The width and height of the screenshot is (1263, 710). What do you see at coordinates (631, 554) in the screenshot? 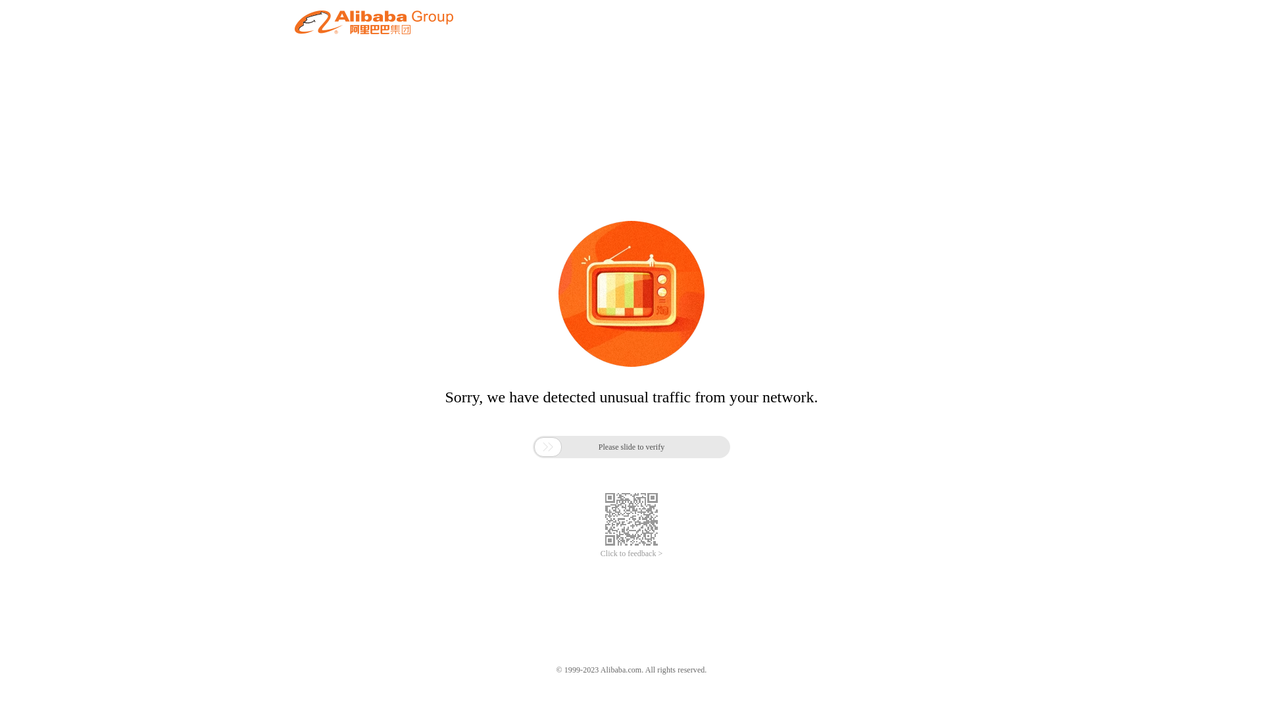
I see `'Click to feedback >'` at bounding box center [631, 554].